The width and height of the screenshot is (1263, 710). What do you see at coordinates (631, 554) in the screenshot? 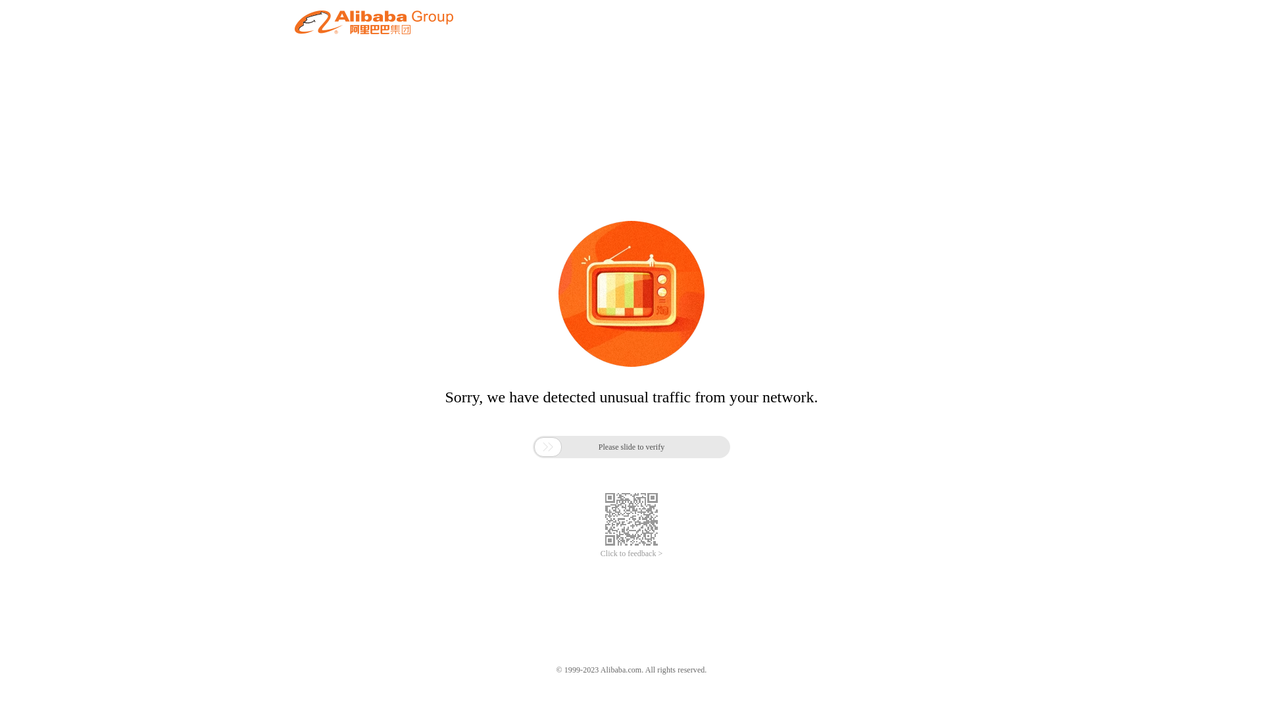
I see `'Click to feedback >'` at bounding box center [631, 554].